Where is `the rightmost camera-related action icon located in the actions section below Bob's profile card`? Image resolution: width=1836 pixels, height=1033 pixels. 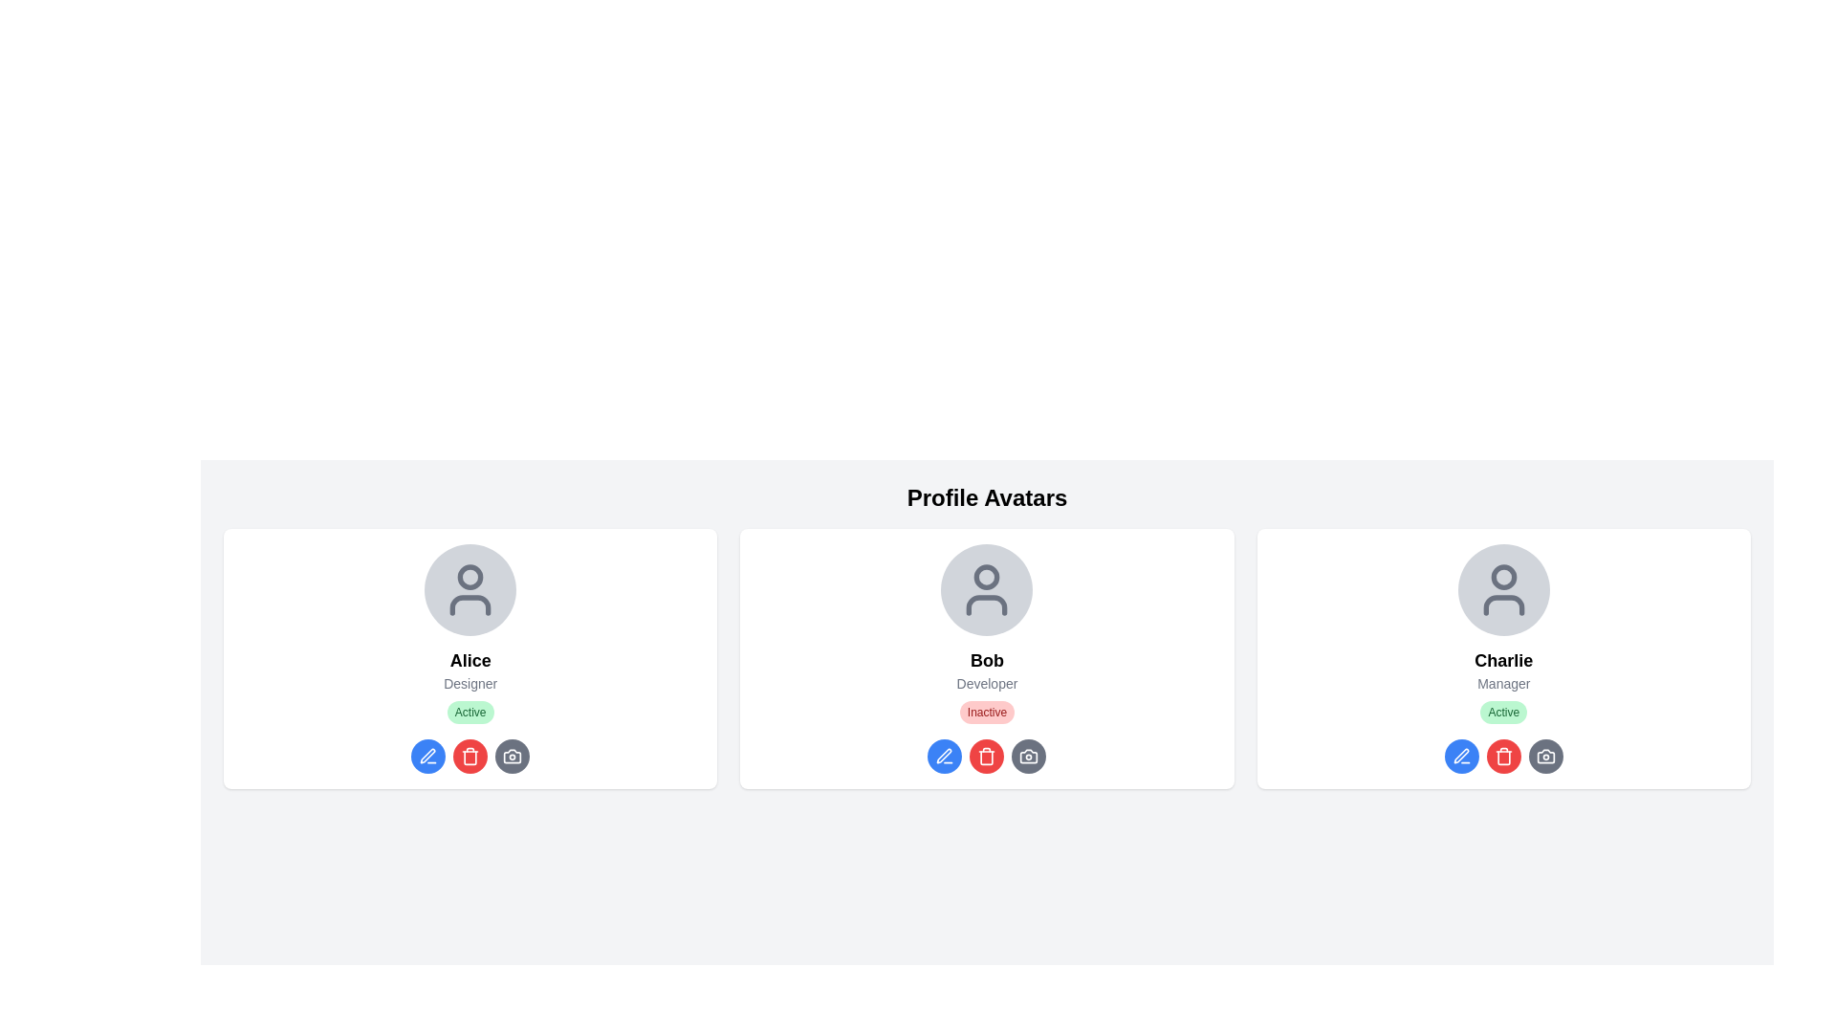 the rightmost camera-related action icon located in the actions section below Bob's profile card is located at coordinates (1027, 755).